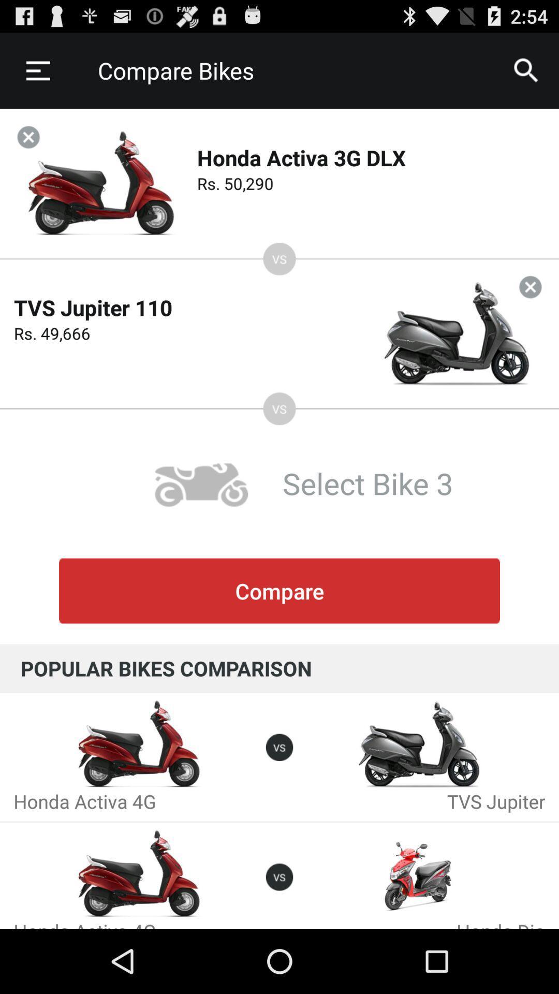  Describe the element at coordinates (530, 287) in the screenshot. I see `page` at that location.